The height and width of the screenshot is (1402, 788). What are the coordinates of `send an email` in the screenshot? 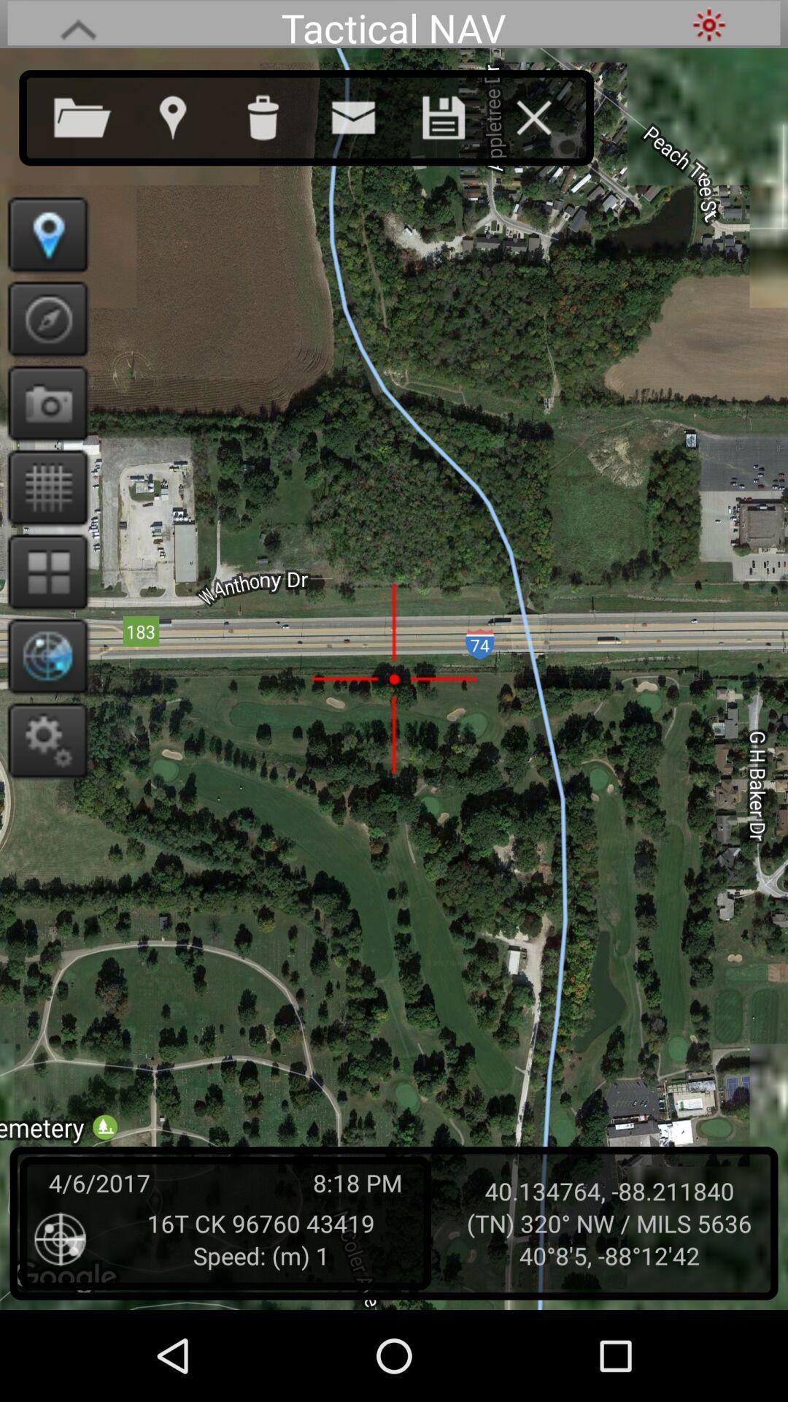 It's located at (367, 114).